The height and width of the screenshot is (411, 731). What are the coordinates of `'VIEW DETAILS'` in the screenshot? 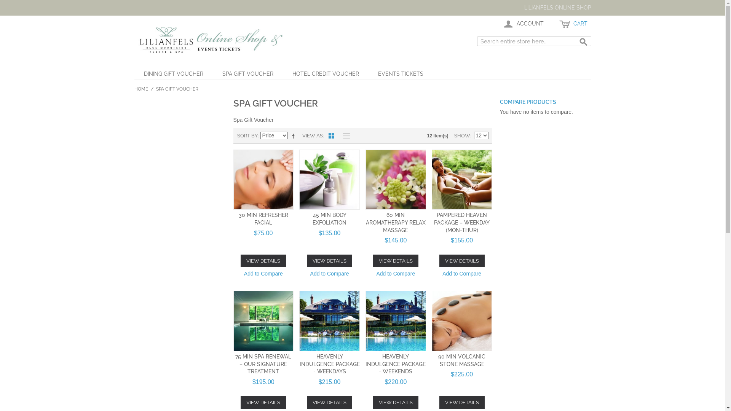 It's located at (329, 260).